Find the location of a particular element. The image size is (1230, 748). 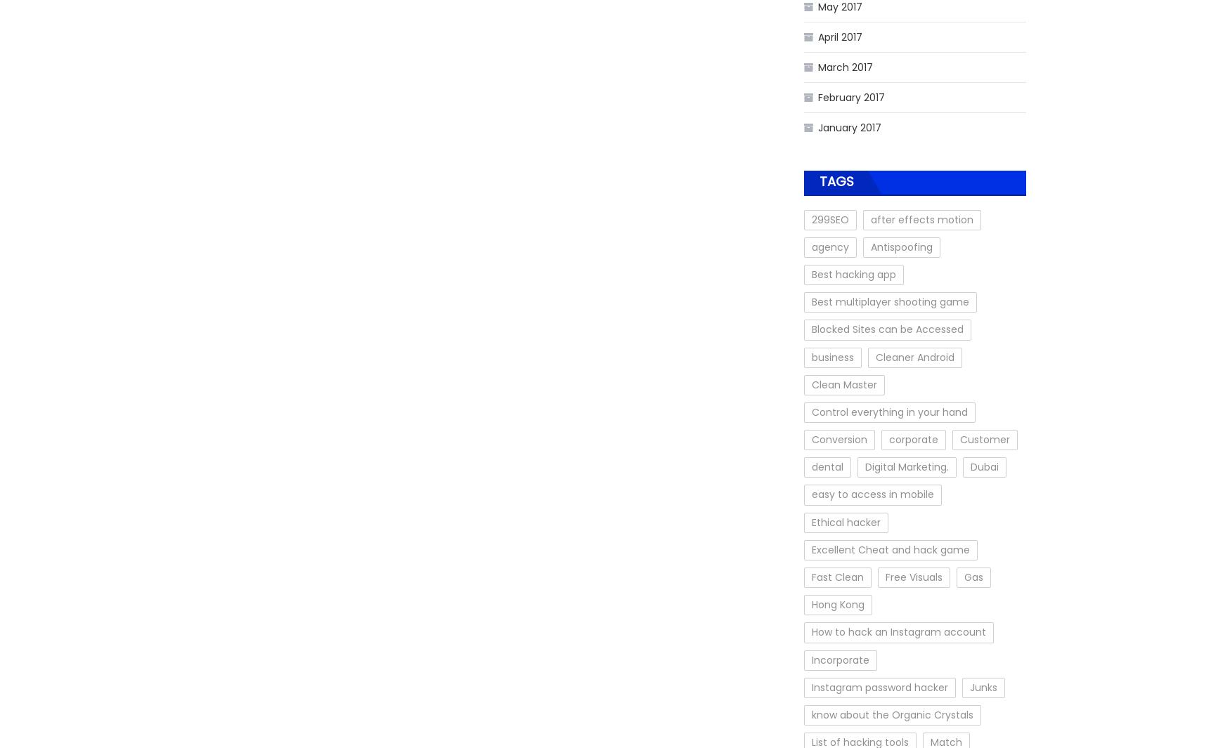

'Blocked Sites can be Accessed' is located at coordinates (886, 329).